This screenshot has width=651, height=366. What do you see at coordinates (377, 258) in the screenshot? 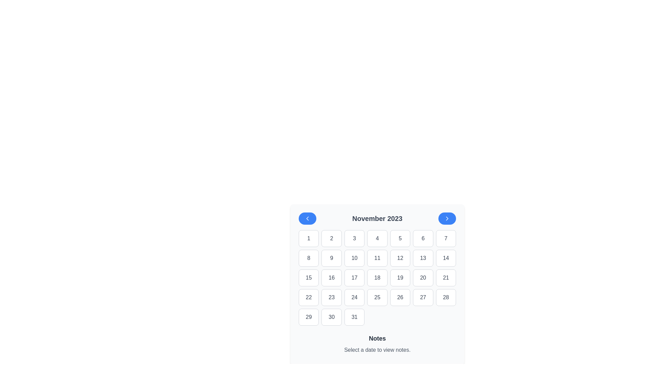
I see `the circular button with a white background and the text '11' in a gray font, located in the second row and fourth column of the calendar grid` at bounding box center [377, 258].